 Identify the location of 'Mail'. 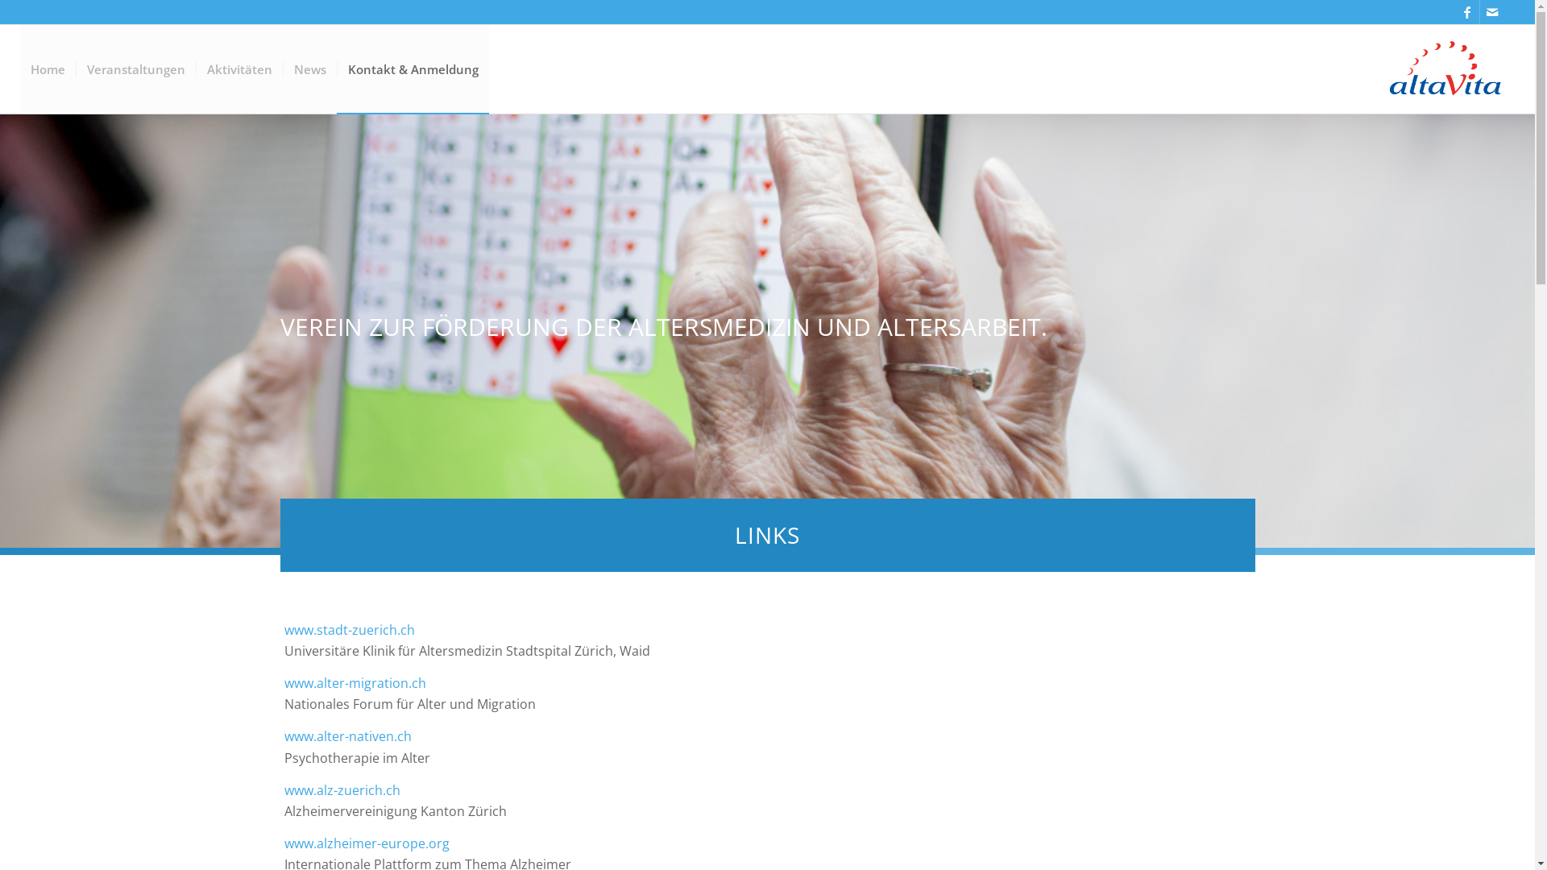
(1491, 12).